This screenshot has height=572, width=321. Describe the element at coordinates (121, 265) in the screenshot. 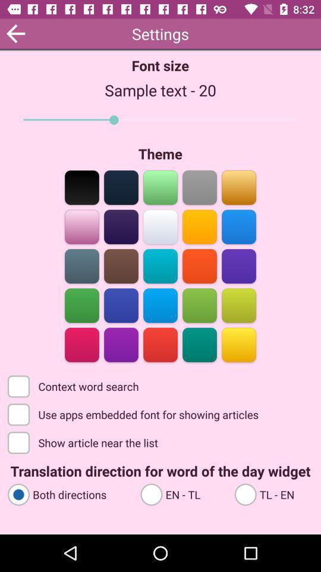

I see `color option` at that location.